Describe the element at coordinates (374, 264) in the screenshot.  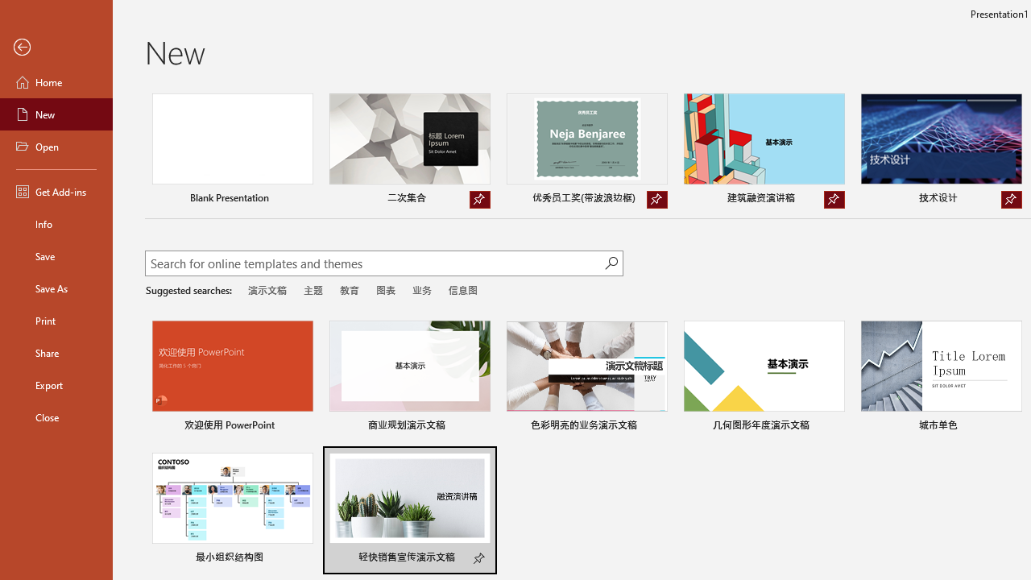
I see `'Search for online templates and themes'` at that location.